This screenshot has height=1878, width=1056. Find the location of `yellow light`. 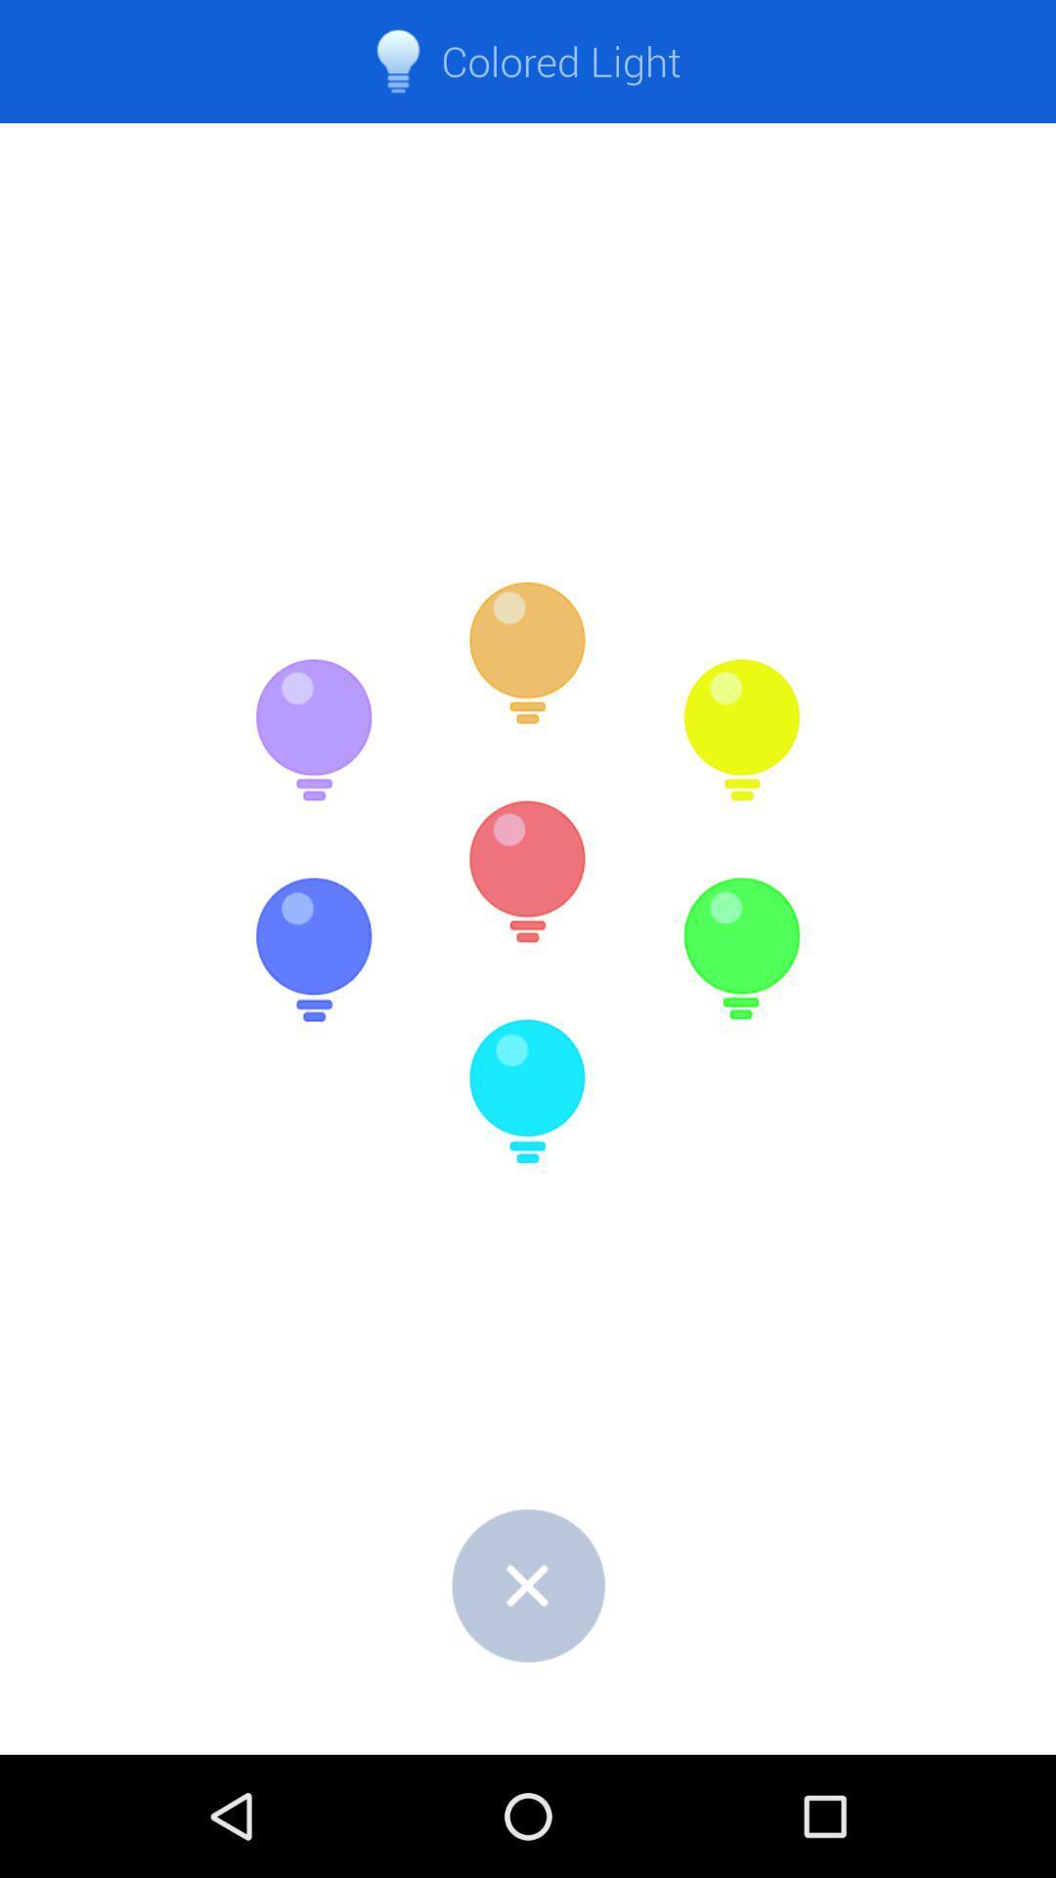

yellow light is located at coordinates (741, 730).